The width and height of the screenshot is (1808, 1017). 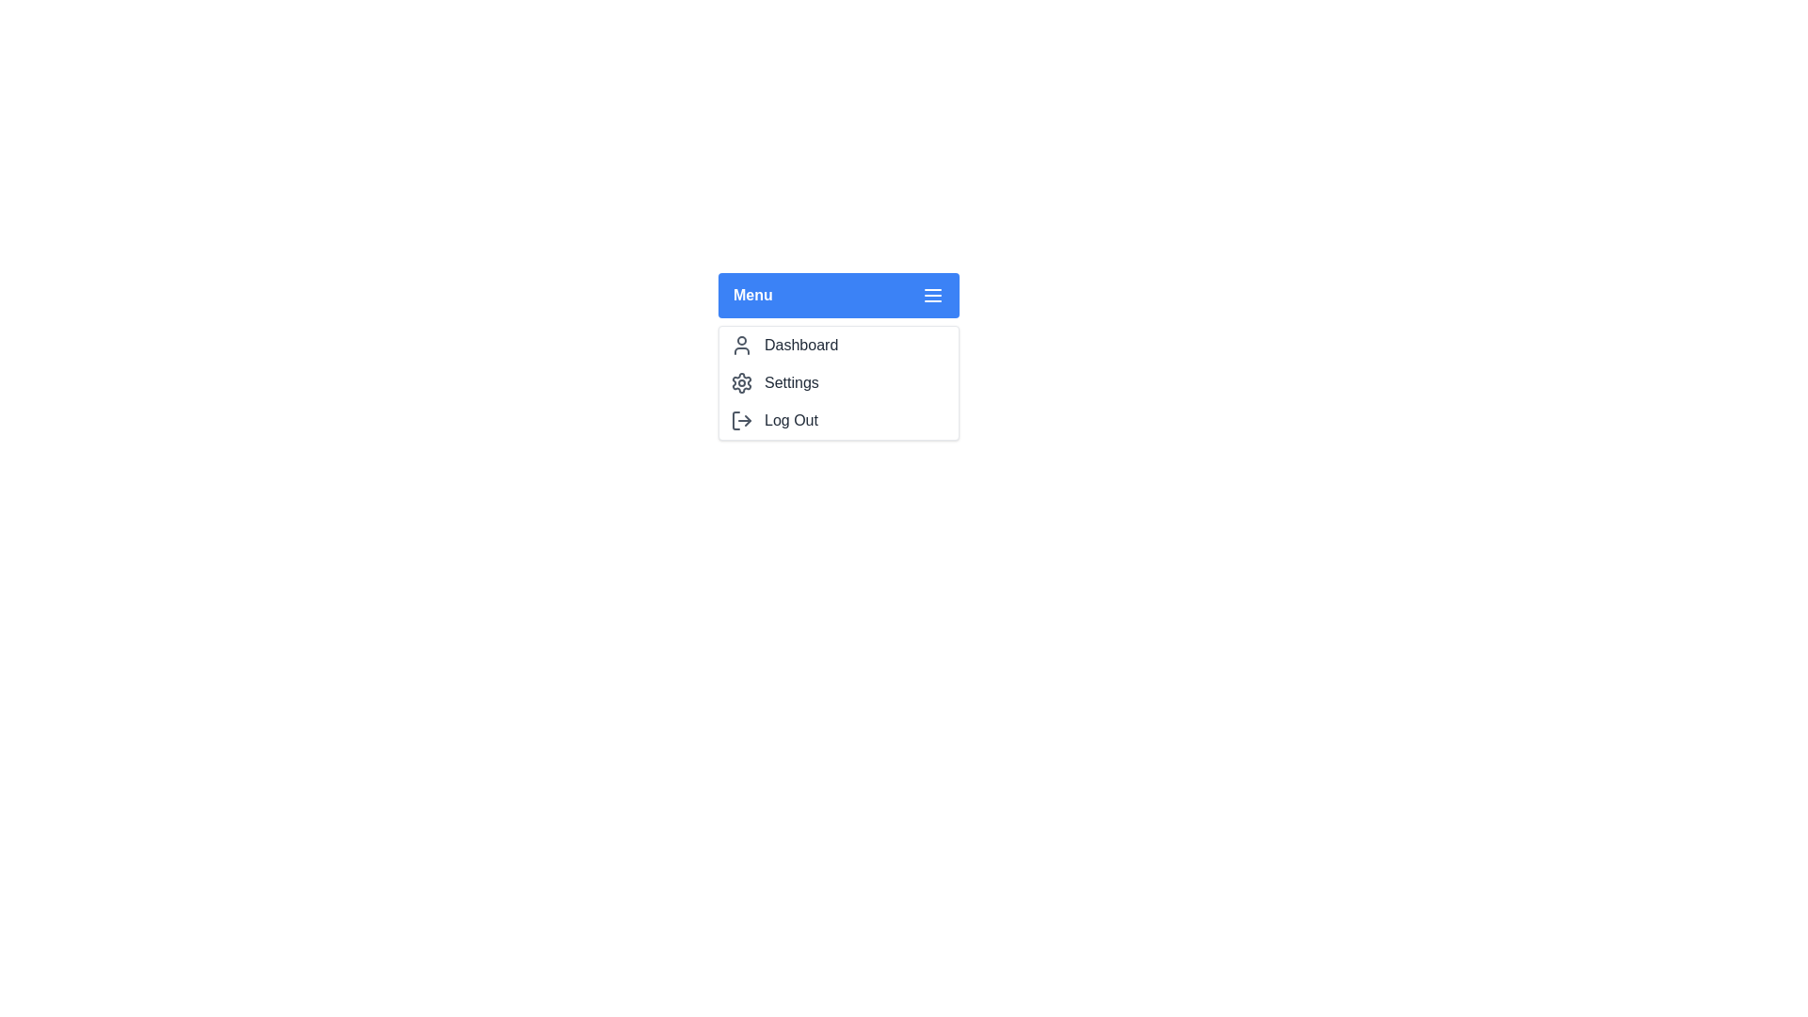 What do you see at coordinates (838, 345) in the screenshot?
I see `the menu option Dashboard by clicking on it` at bounding box center [838, 345].